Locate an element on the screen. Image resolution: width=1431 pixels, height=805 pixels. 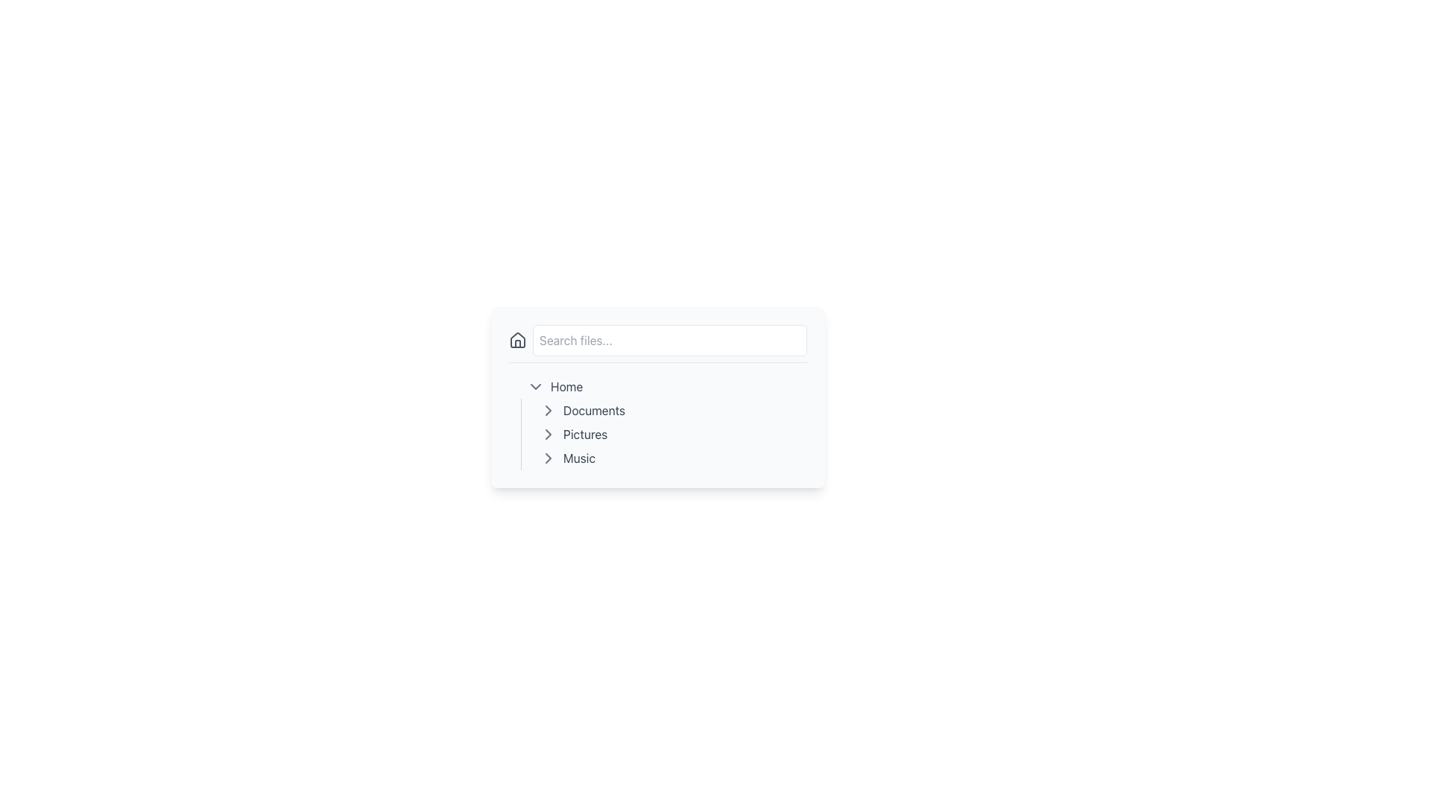
the right-pointing chevron icon next to the 'Music' label in the file navigation menu is located at coordinates (547, 457).